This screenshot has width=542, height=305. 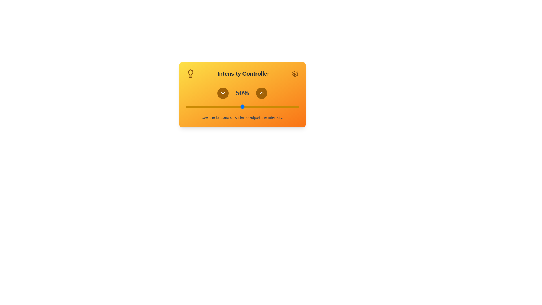 What do you see at coordinates (242, 93) in the screenshot?
I see `the text label that displays the current intensity value, which is centrally located between the two arrow buttons in the interface` at bounding box center [242, 93].